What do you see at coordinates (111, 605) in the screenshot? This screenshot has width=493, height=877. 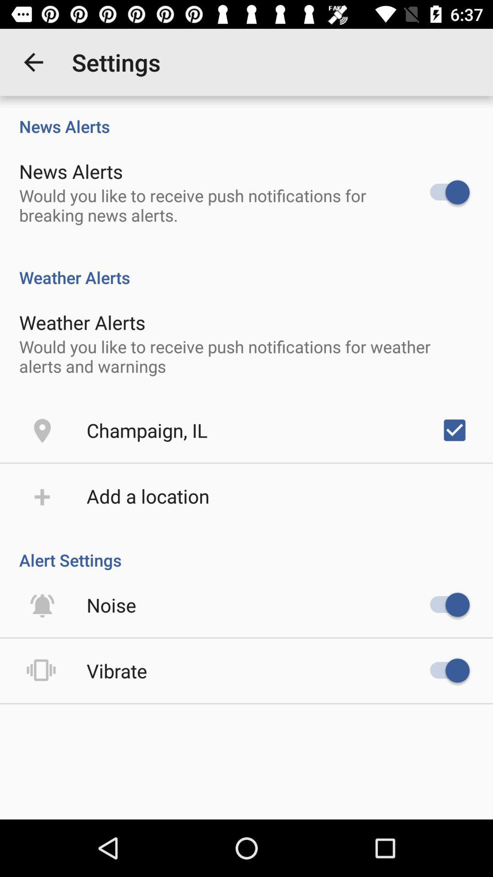 I see `the item below the alert settings item` at bounding box center [111, 605].